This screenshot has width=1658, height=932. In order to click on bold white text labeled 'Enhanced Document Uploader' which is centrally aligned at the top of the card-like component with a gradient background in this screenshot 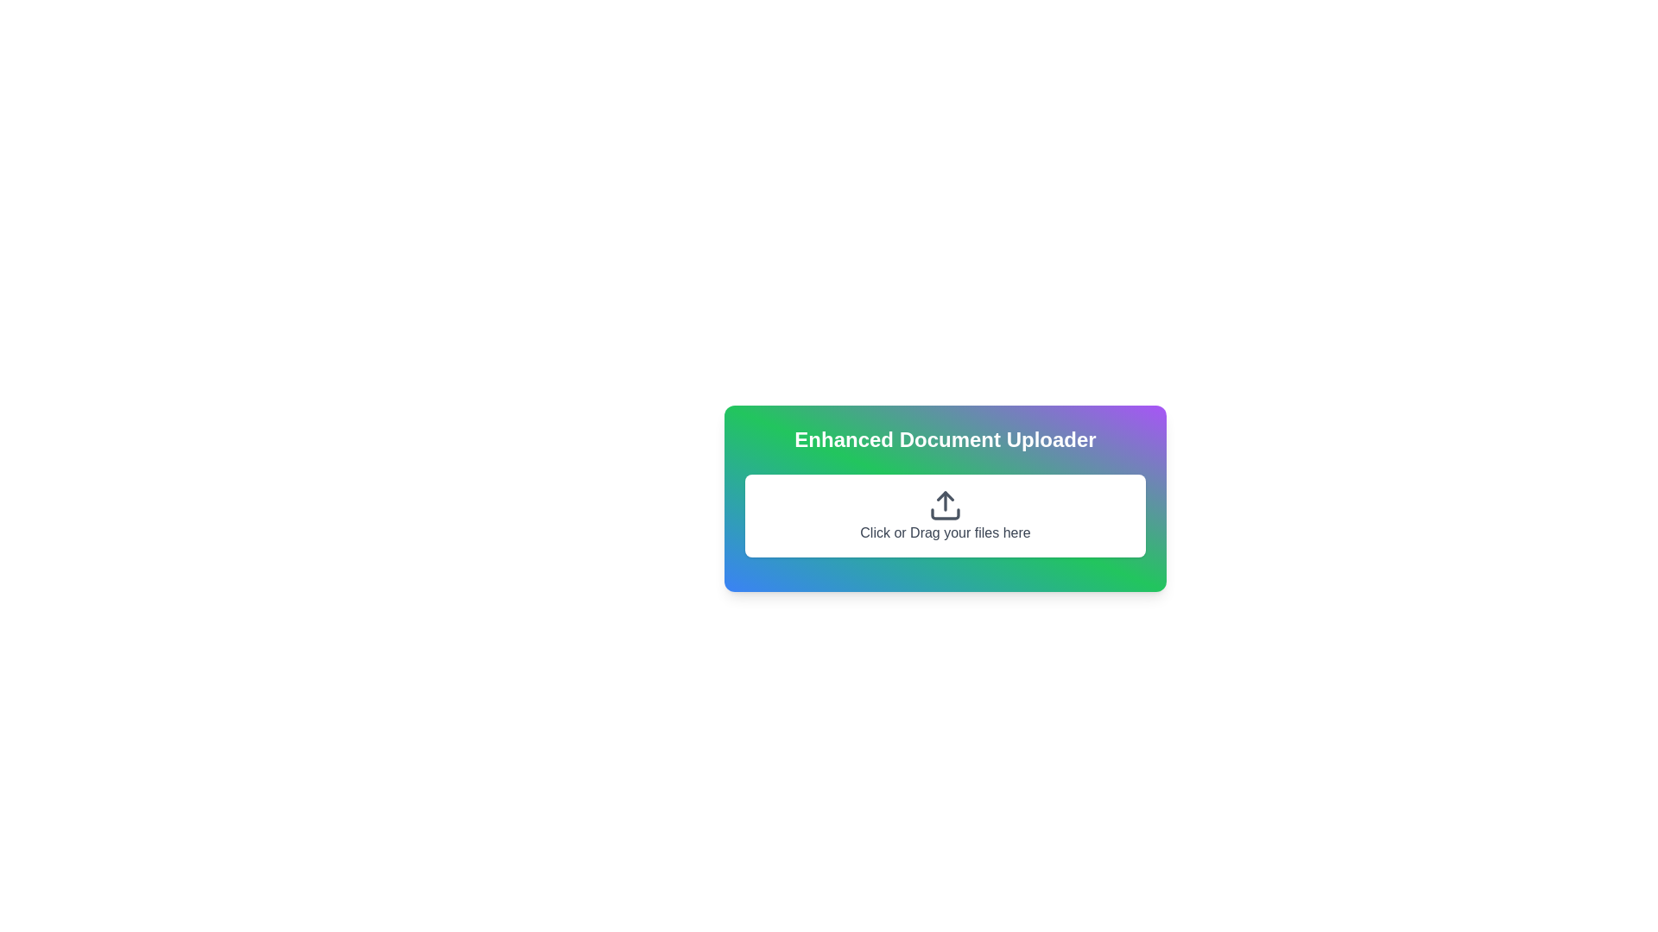, I will do `click(944, 438)`.